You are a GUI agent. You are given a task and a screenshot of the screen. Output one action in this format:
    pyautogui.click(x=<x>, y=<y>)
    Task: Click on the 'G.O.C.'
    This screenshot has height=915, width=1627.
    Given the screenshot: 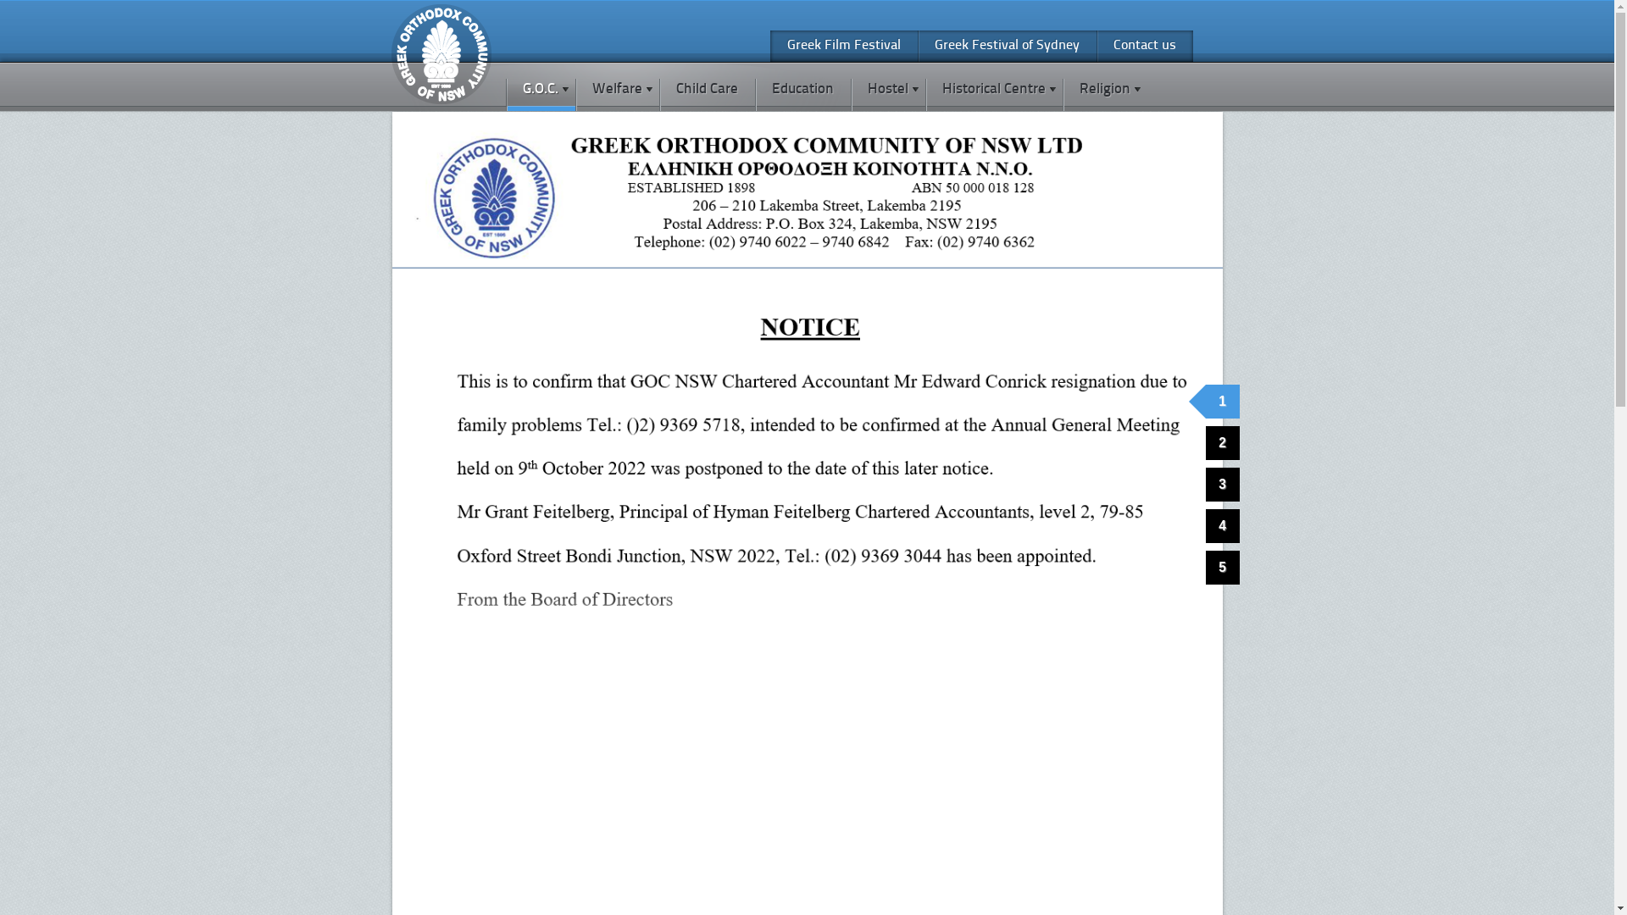 What is the action you would take?
    pyautogui.click(x=539, y=87)
    